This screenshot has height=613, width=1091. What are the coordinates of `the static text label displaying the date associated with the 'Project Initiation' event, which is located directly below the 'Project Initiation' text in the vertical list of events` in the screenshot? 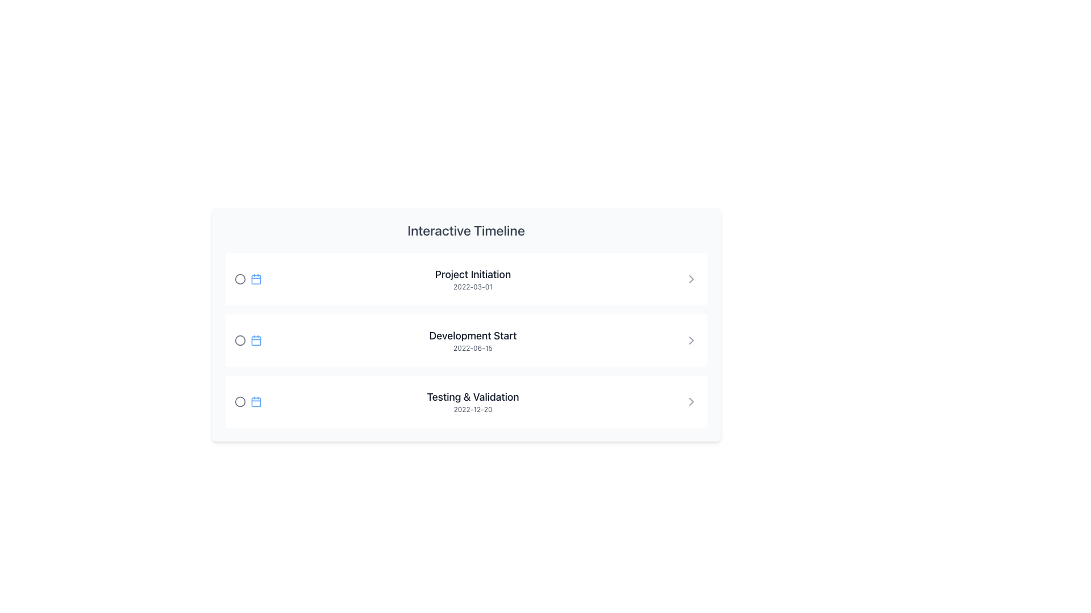 It's located at (473, 286).